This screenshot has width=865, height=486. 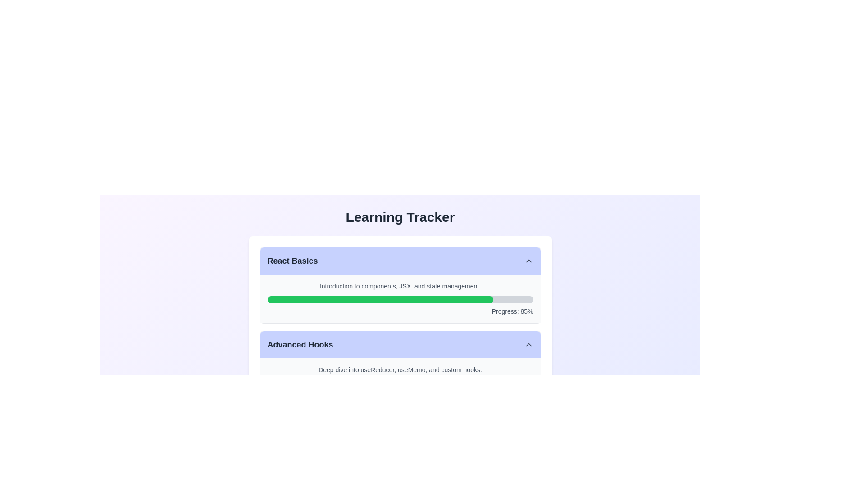 I want to click on the text element displaying 'Deep dive into useReducer, useMemo, and custom hooks.' in the 'Advanced Hooks' section, which is positioned above the progress bar, so click(x=400, y=369).